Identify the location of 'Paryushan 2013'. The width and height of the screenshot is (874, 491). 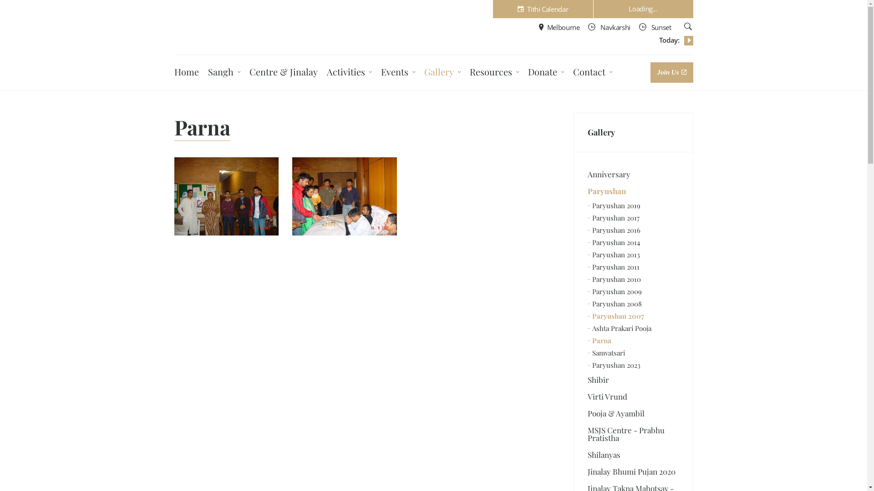
(633, 255).